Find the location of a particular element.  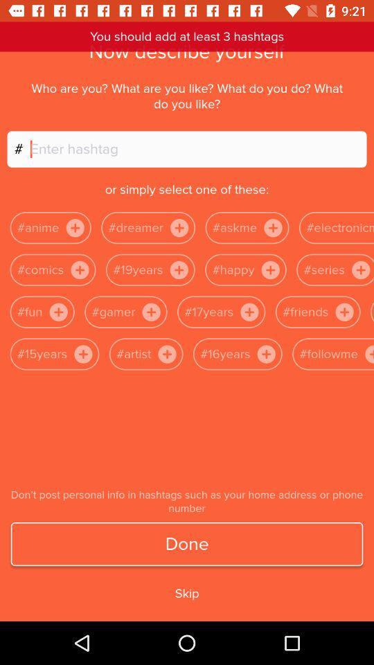

the button right to the text happy is located at coordinates (271, 269).